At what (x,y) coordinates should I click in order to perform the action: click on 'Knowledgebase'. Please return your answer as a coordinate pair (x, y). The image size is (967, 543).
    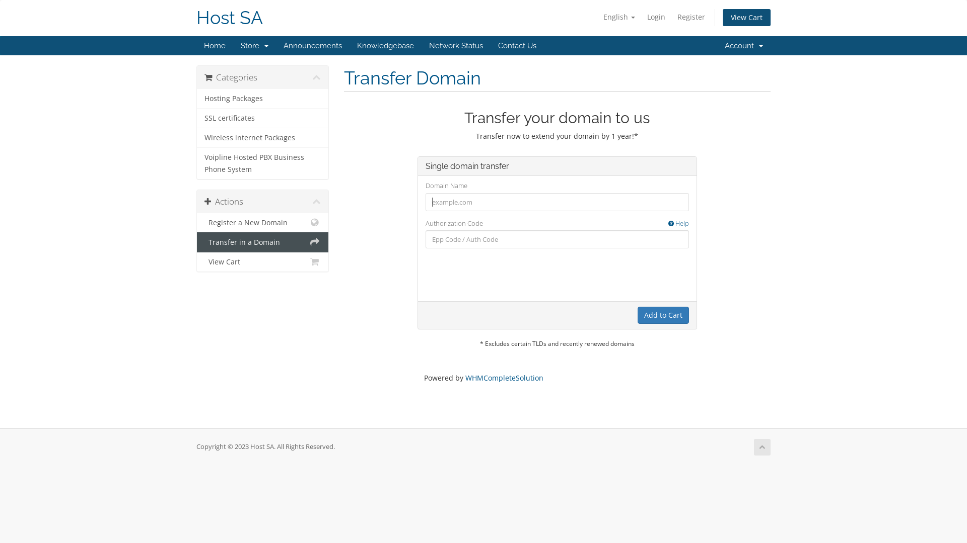
    Looking at the image, I should click on (385, 46).